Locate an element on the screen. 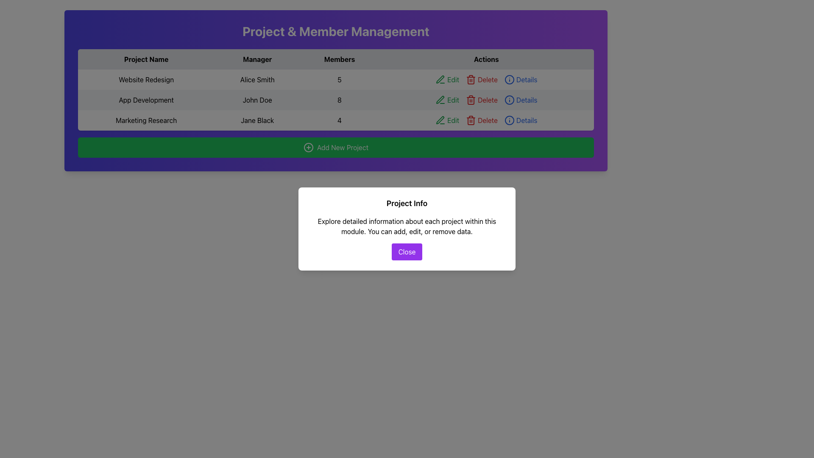 This screenshot has height=458, width=814. the trash can icon that visually indicates the 'Delete' action for the 'Marketing Research' project entry in the rightmost 'Actions' column of the table is located at coordinates (471, 121).